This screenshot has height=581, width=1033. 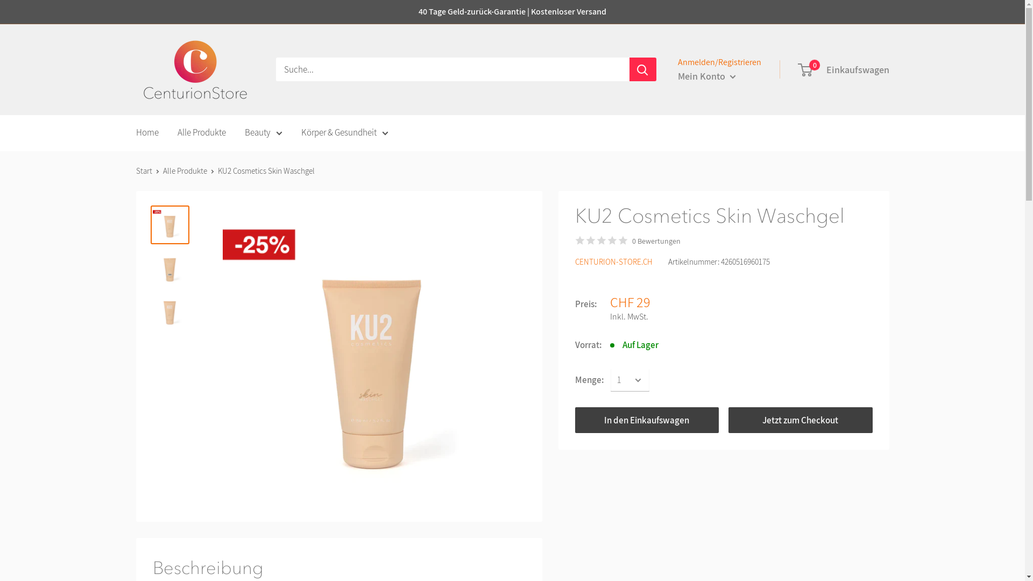 What do you see at coordinates (263, 132) in the screenshot?
I see `'Beauty'` at bounding box center [263, 132].